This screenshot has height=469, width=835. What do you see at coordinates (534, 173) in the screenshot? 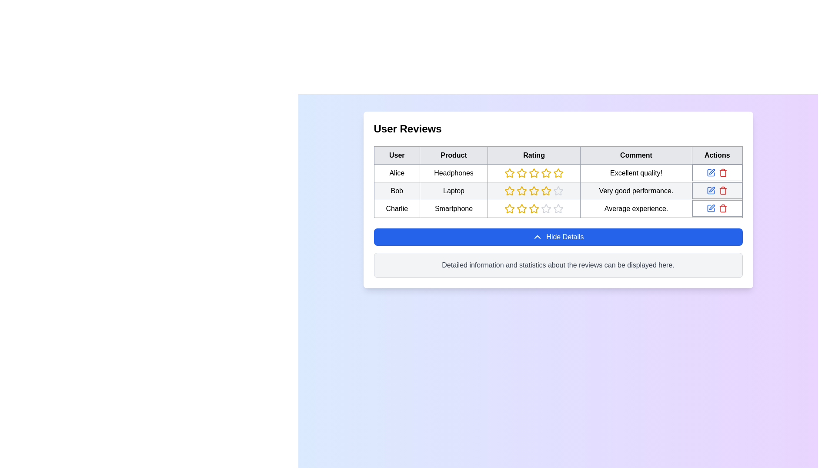
I see `the fifth yellow star icon in the 'Rating' column for the product 'Headphones' in the 'User Reviews' section` at bounding box center [534, 173].